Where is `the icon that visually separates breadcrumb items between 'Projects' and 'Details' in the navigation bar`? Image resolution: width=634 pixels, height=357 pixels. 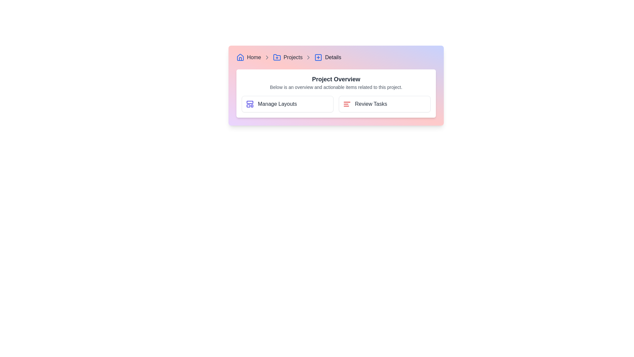 the icon that visually separates breadcrumb items between 'Projects' and 'Details' in the navigation bar is located at coordinates (308, 57).